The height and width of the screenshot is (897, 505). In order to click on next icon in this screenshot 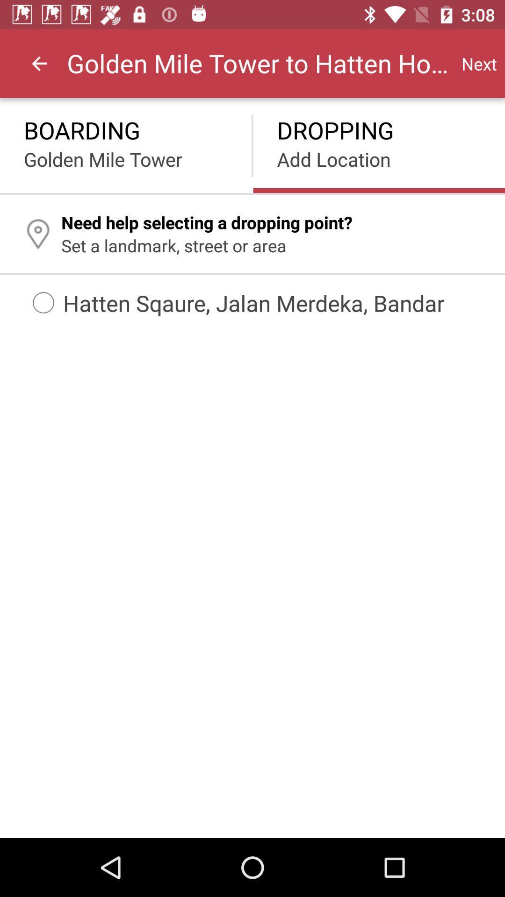, I will do `click(479, 63)`.